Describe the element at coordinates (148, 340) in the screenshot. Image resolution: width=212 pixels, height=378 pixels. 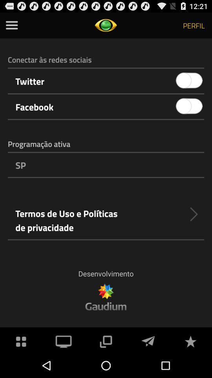
I see `app below desenvolvimento` at that location.